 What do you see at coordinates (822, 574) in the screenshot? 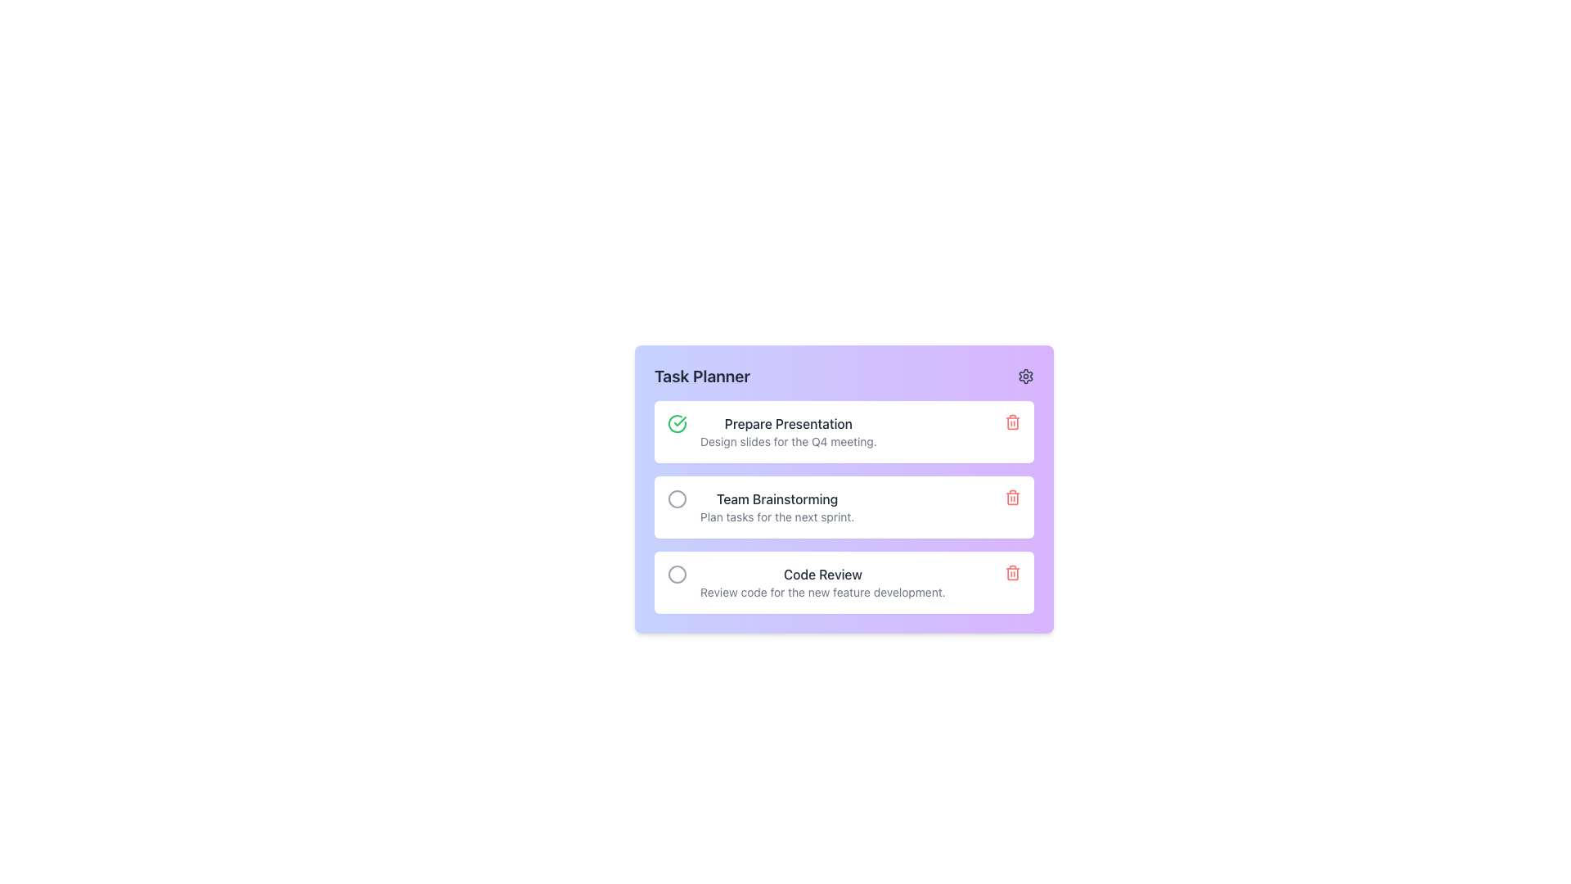
I see `the text 'Code Review' from the text label in the 'Task Planner' module to copy it` at bounding box center [822, 574].